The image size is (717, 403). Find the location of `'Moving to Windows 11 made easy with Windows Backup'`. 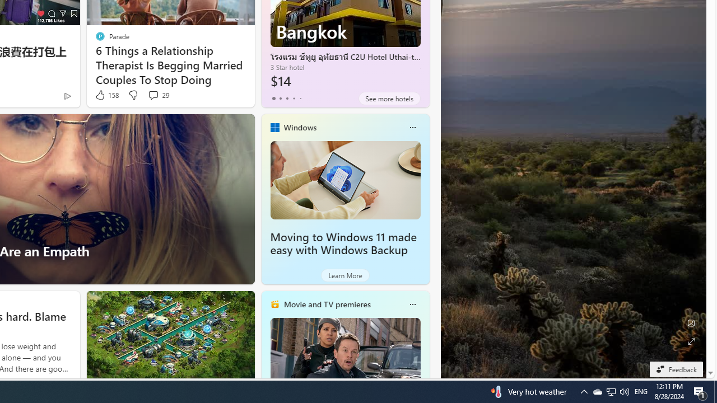

'Moving to Windows 11 made easy with Windows Backup' is located at coordinates (344, 179).